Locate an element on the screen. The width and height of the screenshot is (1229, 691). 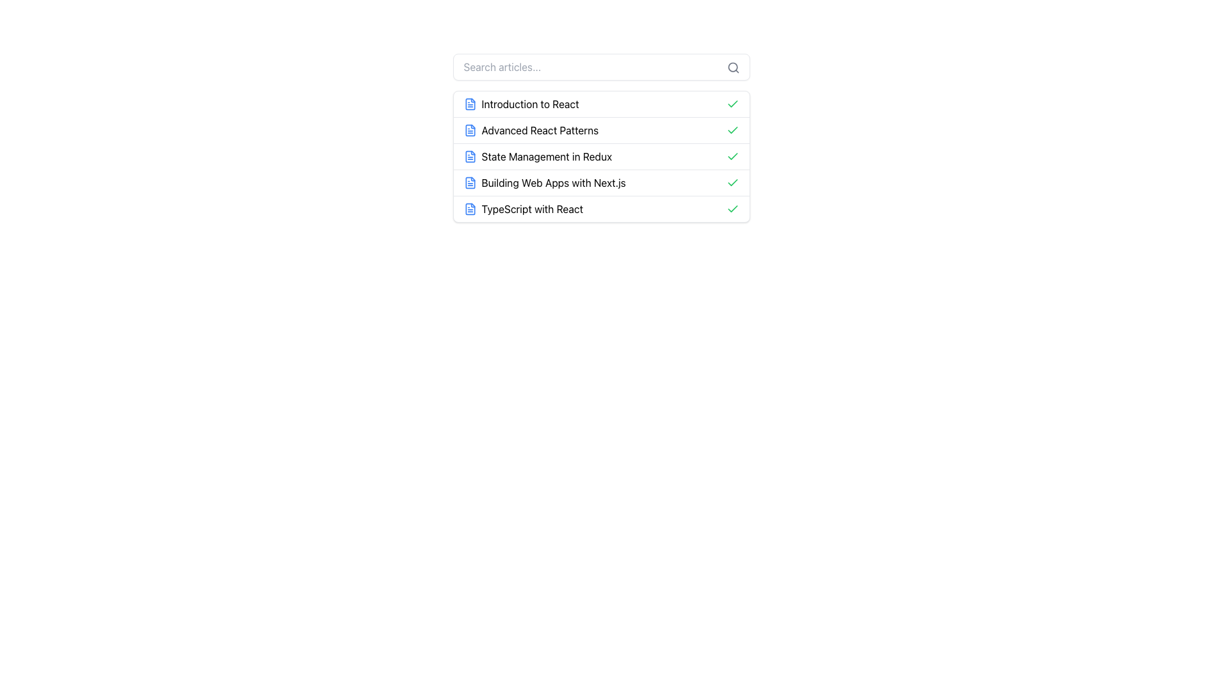
the document icon, which is styled in blue and located next to the label 'State Management in Redux' is located at coordinates (469, 156).